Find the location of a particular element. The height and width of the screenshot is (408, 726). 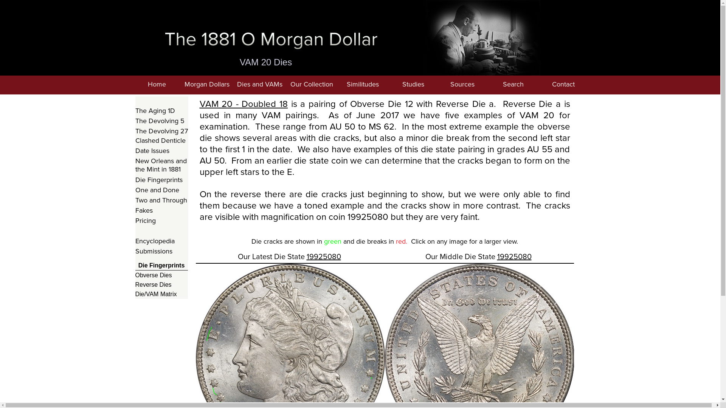

'19925080' is located at coordinates (514, 256).